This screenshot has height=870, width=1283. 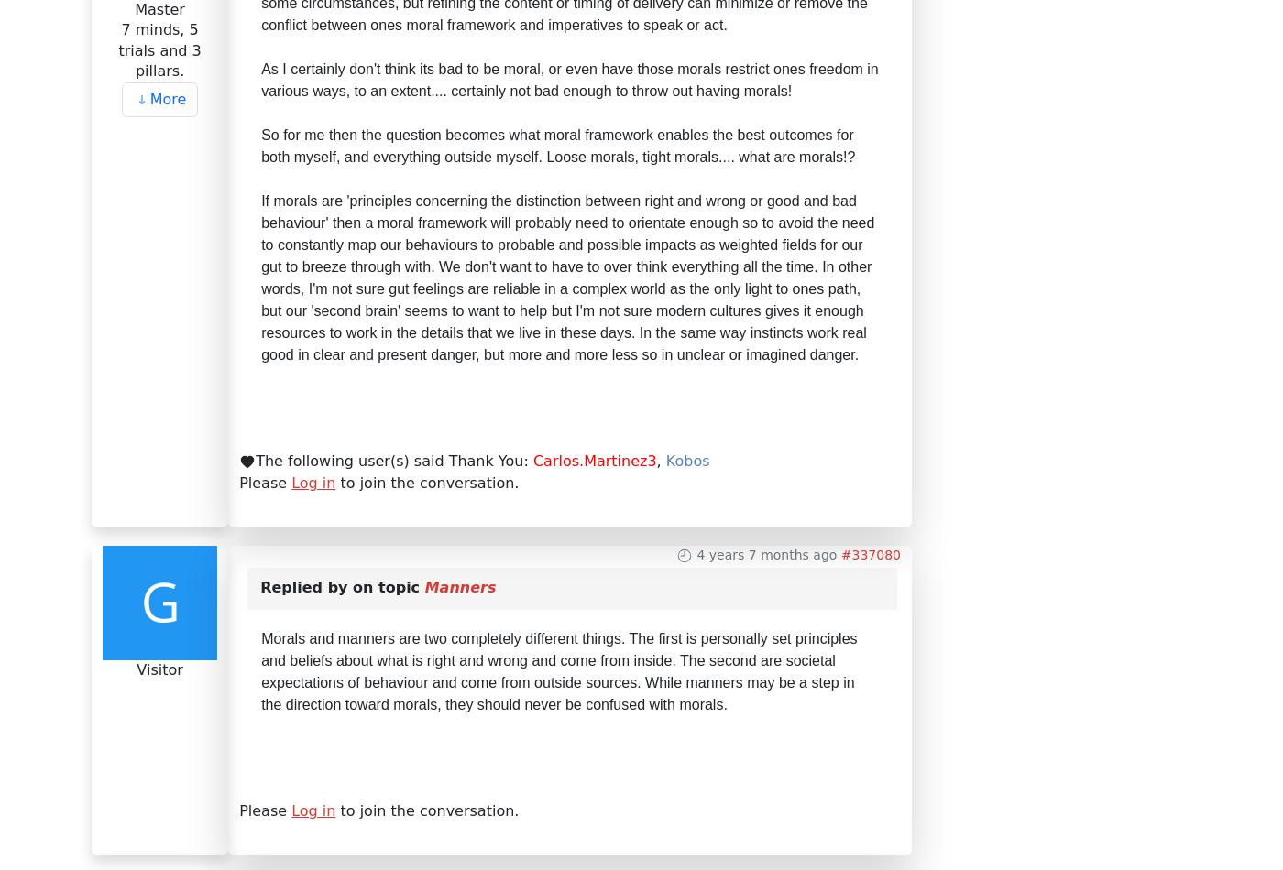 I want to click on 'Copyright © 2023 Temple of the Jedi Order.', so click(x=345, y=505).